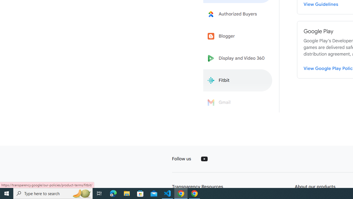  Describe the element at coordinates (238, 58) in the screenshot. I see `'Display and Video 360'` at that location.